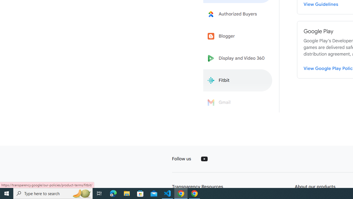  Describe the element at coordinates (238, 58) in the screenshot. I see `'Display and Video 360'` at that location.